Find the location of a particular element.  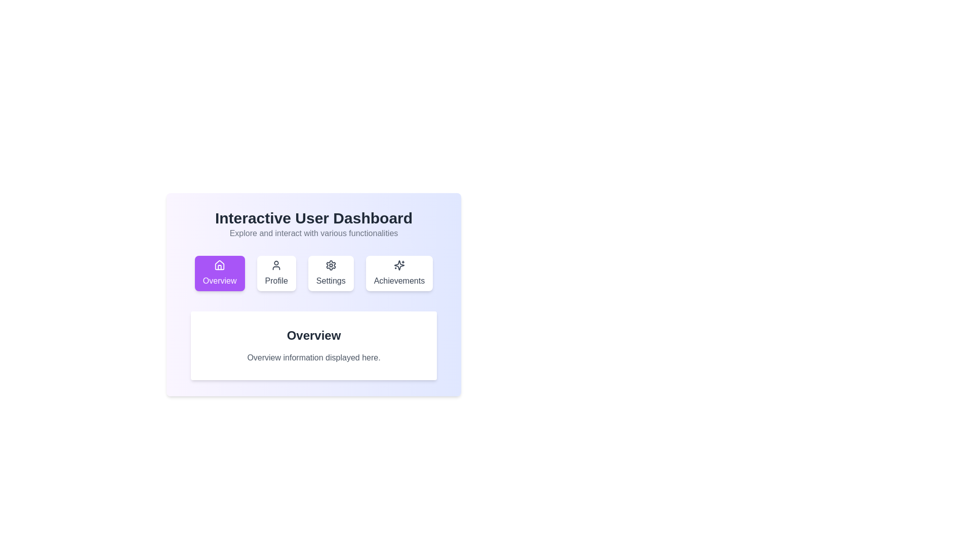

the decorative 'sparkles' icon in the 'Achievements' button located in the top-right section of the user dashboard interface is located at coordinates (398, 264).